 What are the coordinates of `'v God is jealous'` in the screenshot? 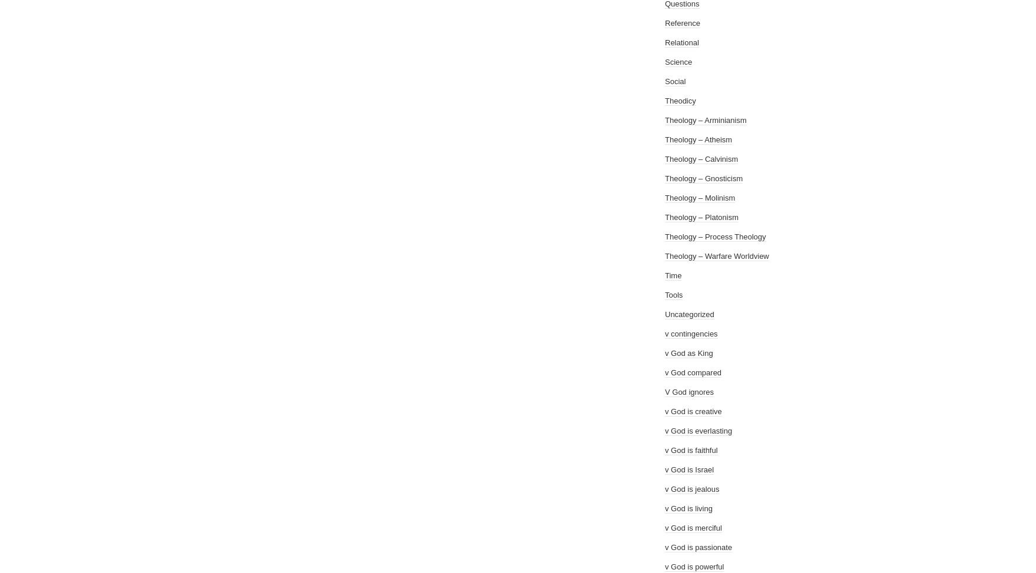 It's located at (692, 489).